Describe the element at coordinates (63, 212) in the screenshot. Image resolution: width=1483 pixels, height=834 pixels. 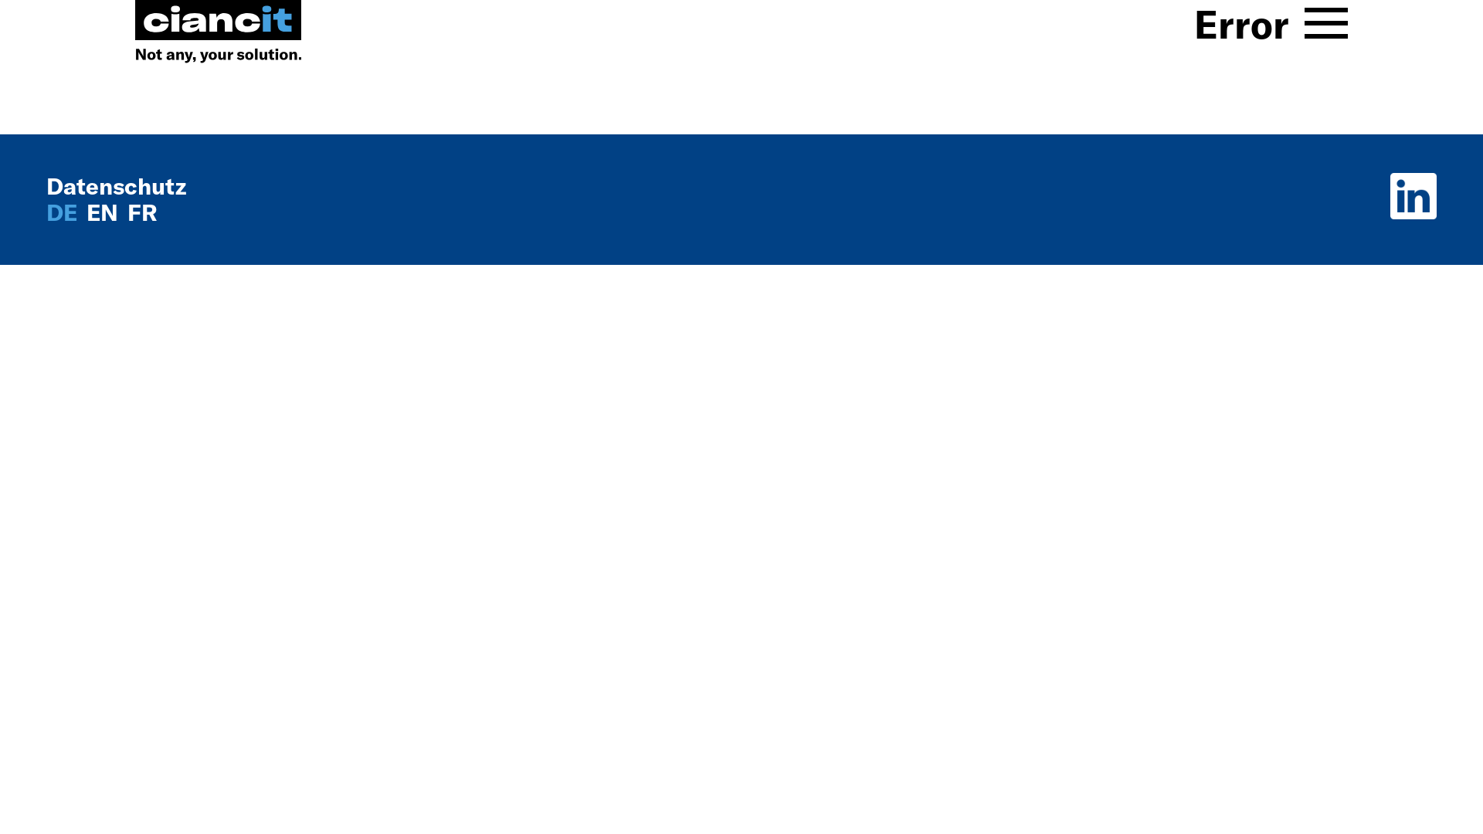
I see `'DE'` at that location.